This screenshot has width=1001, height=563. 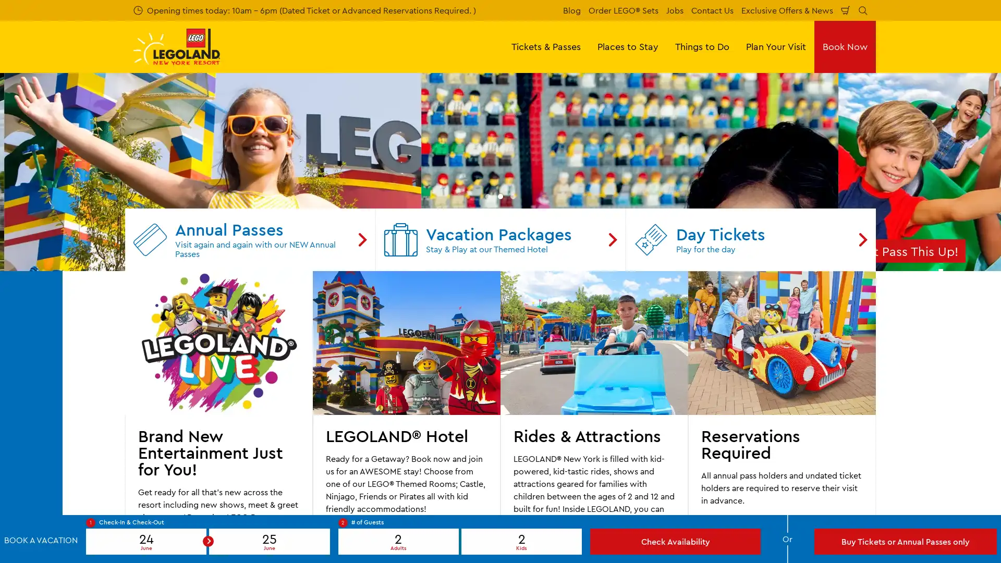 What do you see at coordinates (702, 46) in the screenshot?
I see `Things to Do` at bounding box center [702, 46].